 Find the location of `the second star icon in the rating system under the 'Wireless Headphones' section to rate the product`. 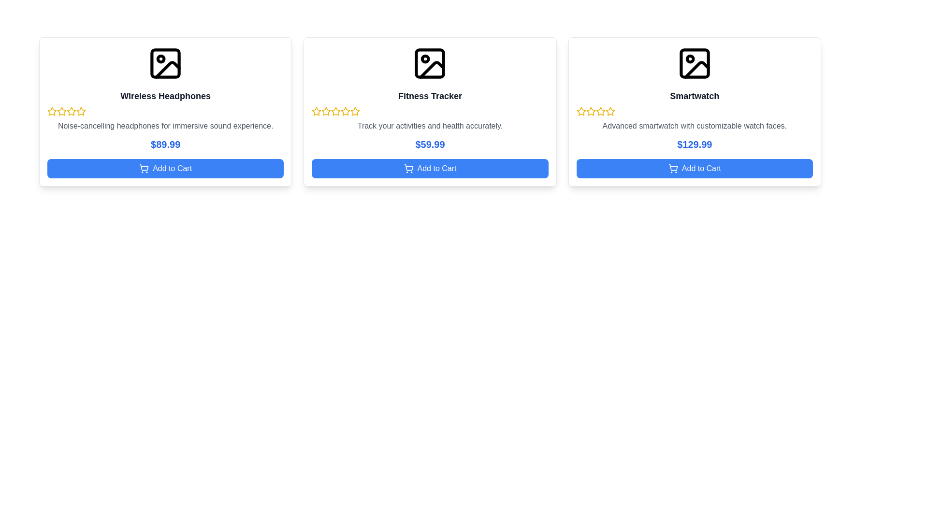

the second star icon in the rating system under the 'Wireless Headphones' section to rate the product is located at coordinates (71, 111).